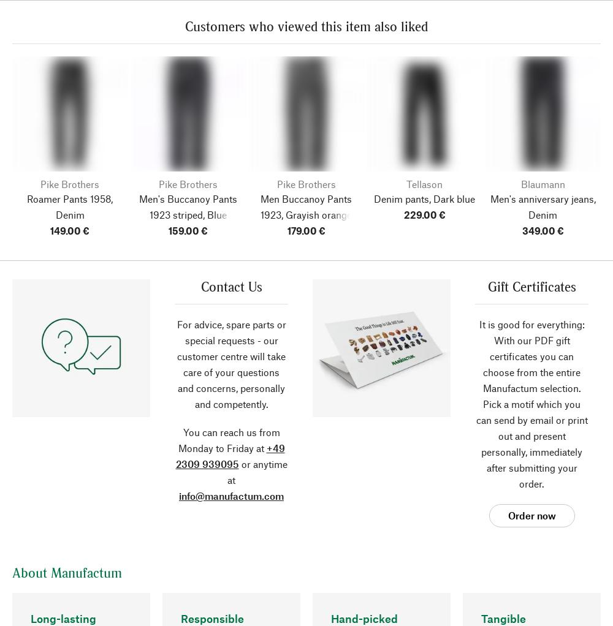 This screenshot has height=626, width=613. Describe the element at coordinates (178, 440) in the screenshot. I see `'You can reach us from Monday to Friday at'` at that location.